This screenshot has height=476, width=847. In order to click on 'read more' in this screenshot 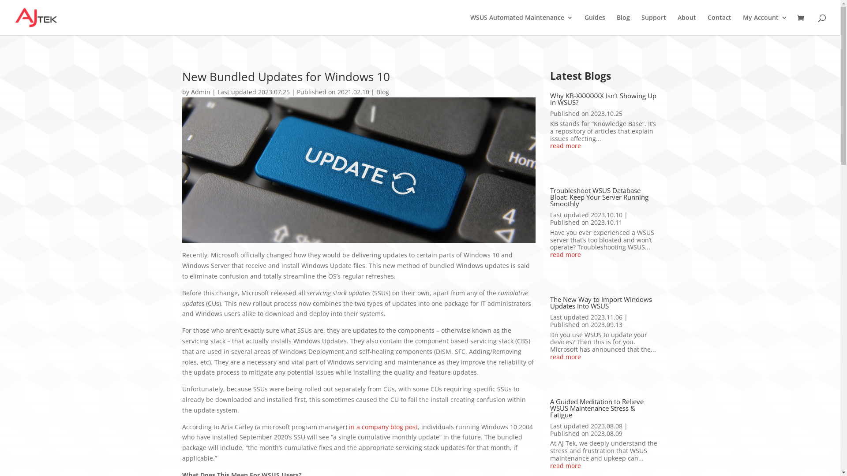, I will do `click(603, 255)`.